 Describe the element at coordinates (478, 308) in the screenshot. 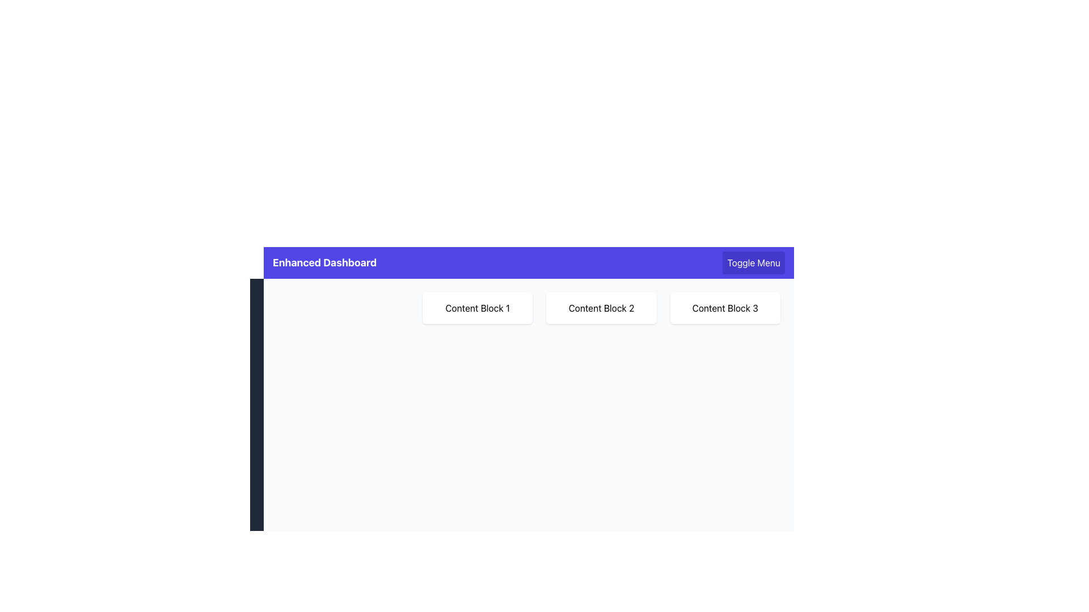

I see `the Informational Card, which is the leftmost card in a grid of three under the purple header labeled 'Enhanced Dashboard'` at that location.